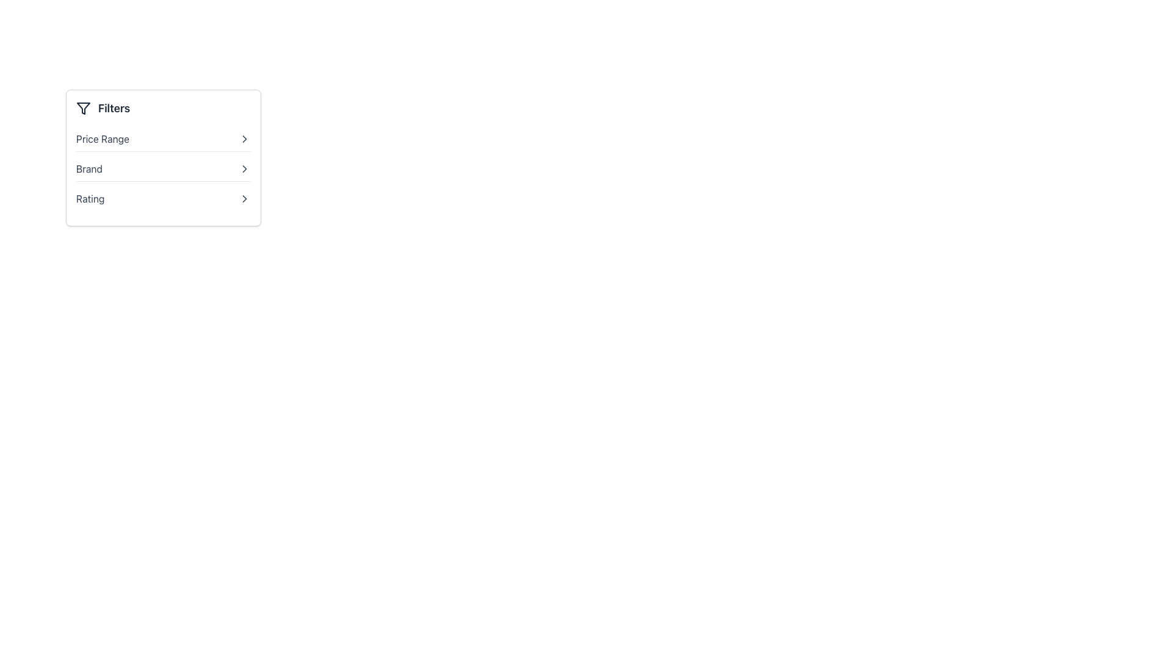 This screenshot has height=659, width=1172. What do you see at coordinates (103, 138) in the screenshot?
I see `the 'Price Range' text label` at bounding box center [103, 138].